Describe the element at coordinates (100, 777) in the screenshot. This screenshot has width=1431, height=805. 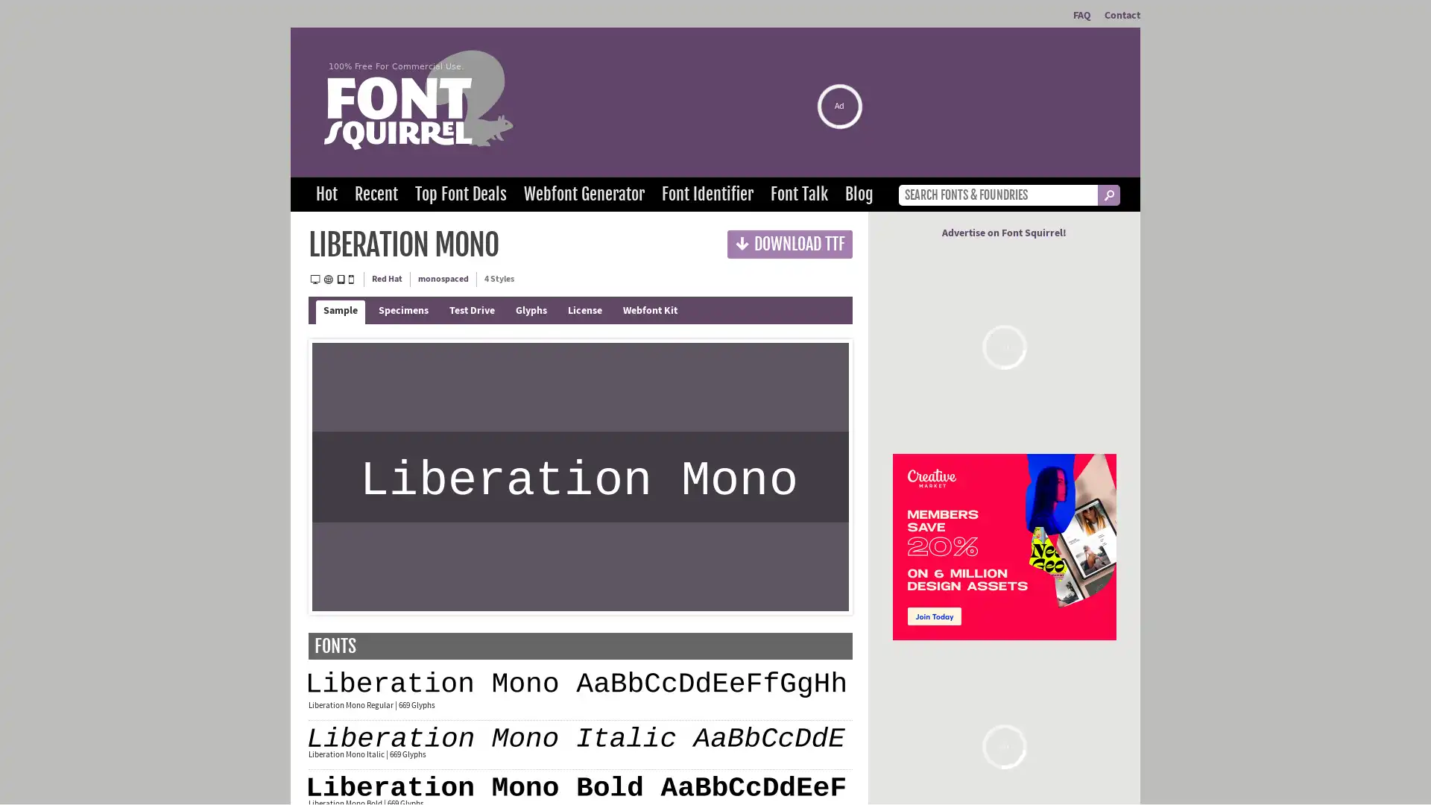
I see `Do Not Sell My Data` at that location.